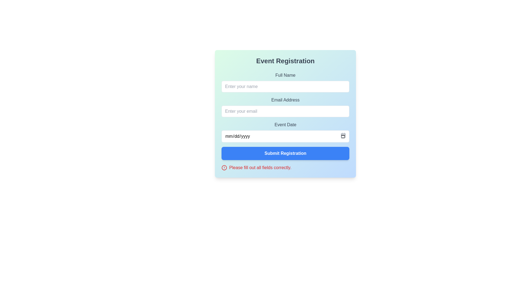 The image size is (529, 297). Describe the element at coordinates (224, 167) in the screenshot. I see `the error or warning icon located to the left of the 'Please fill out all fields correctly.' text in the notification message area at the bottom of the event registration section` at that location.